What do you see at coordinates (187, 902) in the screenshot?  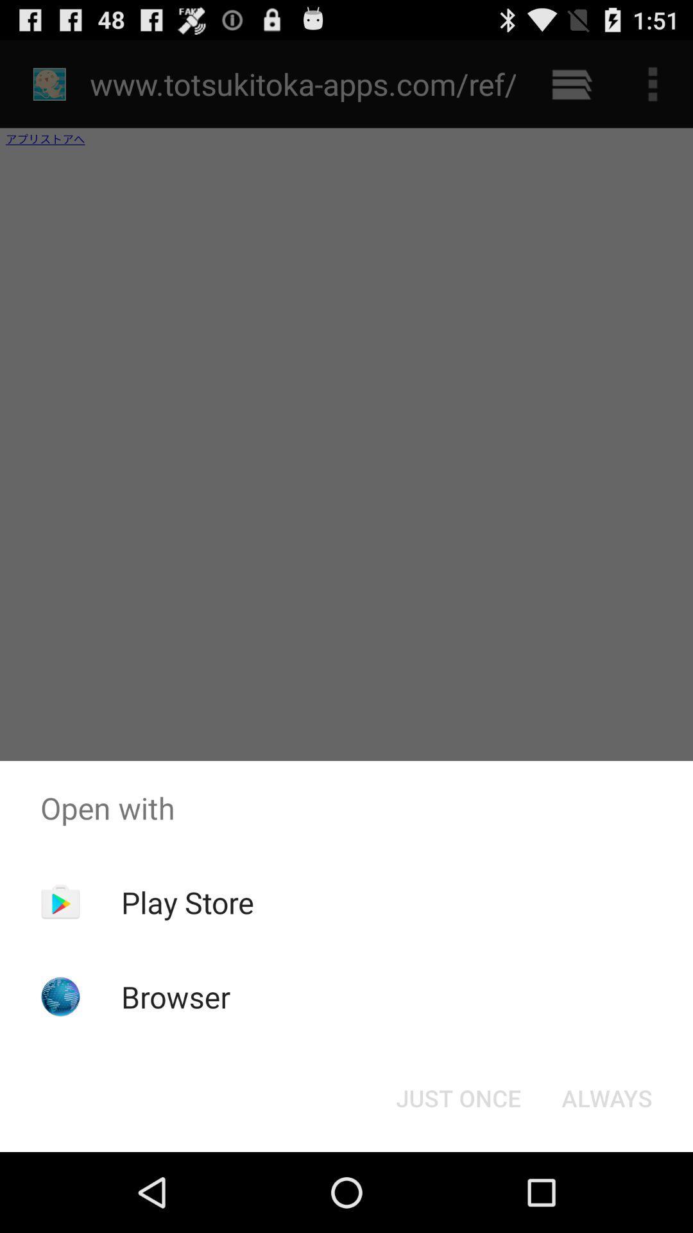 I see `play store item` at bounding box center [187, 902].